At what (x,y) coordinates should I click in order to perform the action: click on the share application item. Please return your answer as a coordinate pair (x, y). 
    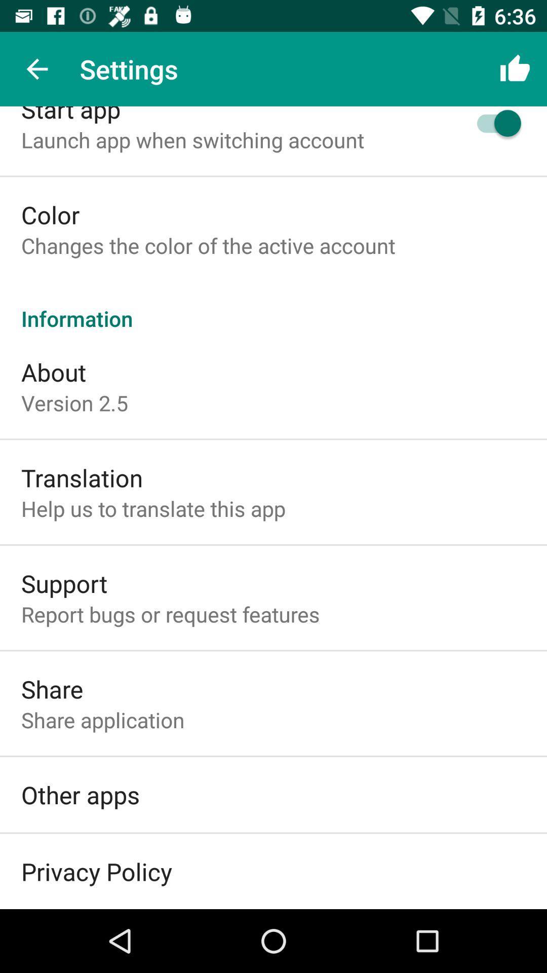
    Looking at the image, I should click on (103, 719).